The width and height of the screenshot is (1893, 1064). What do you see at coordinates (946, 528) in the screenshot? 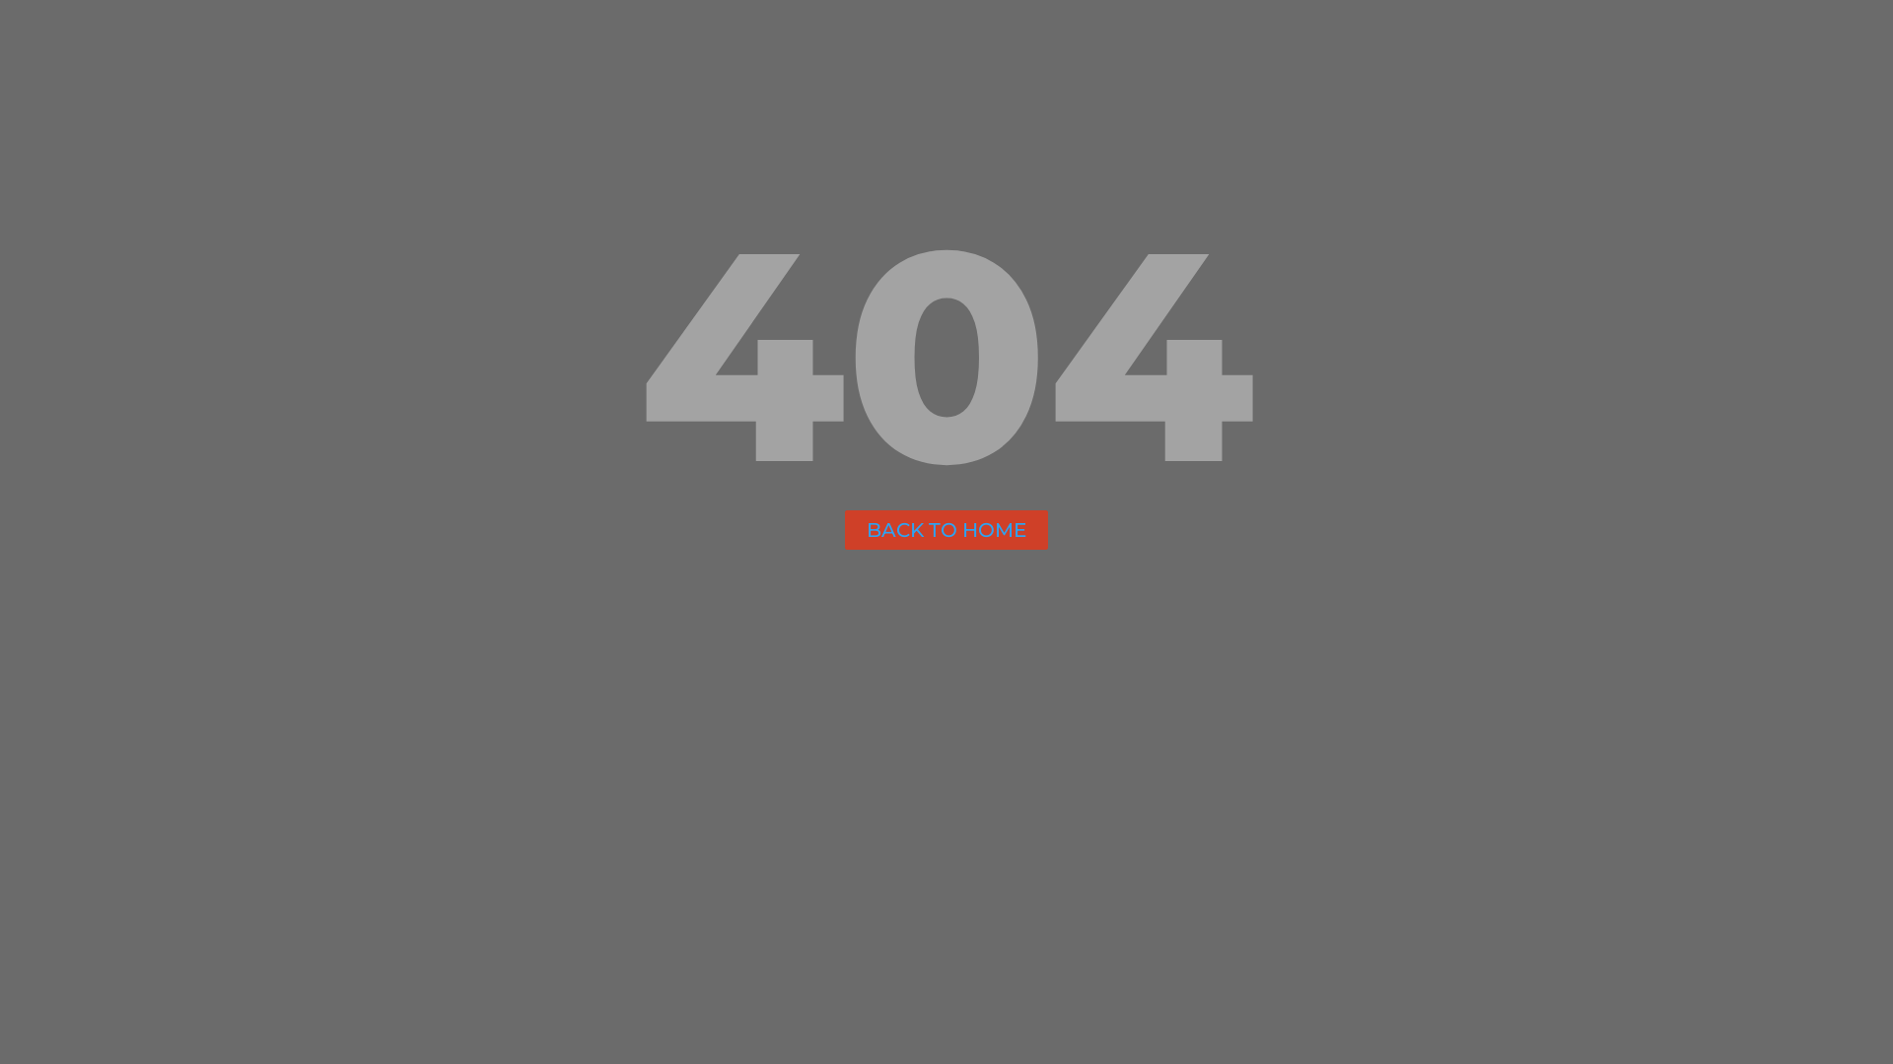
I see `'BACK TO HOME'` at bounding box center [946, 528].